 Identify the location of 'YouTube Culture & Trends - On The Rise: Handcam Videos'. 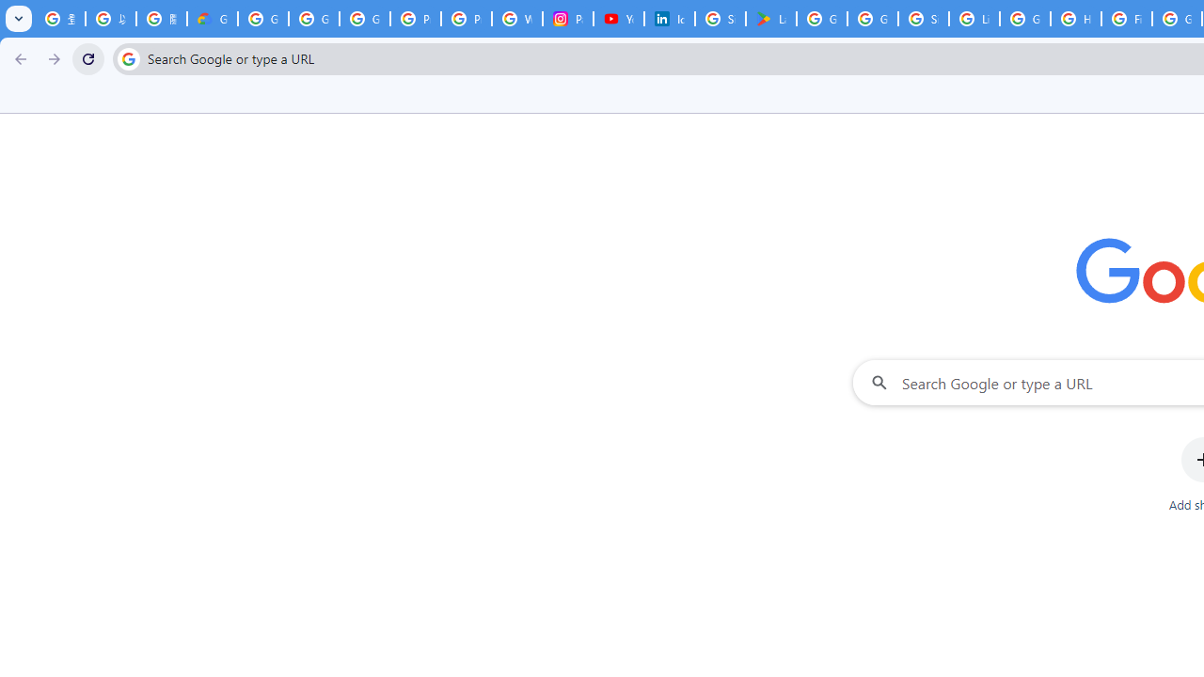
(618, 19).